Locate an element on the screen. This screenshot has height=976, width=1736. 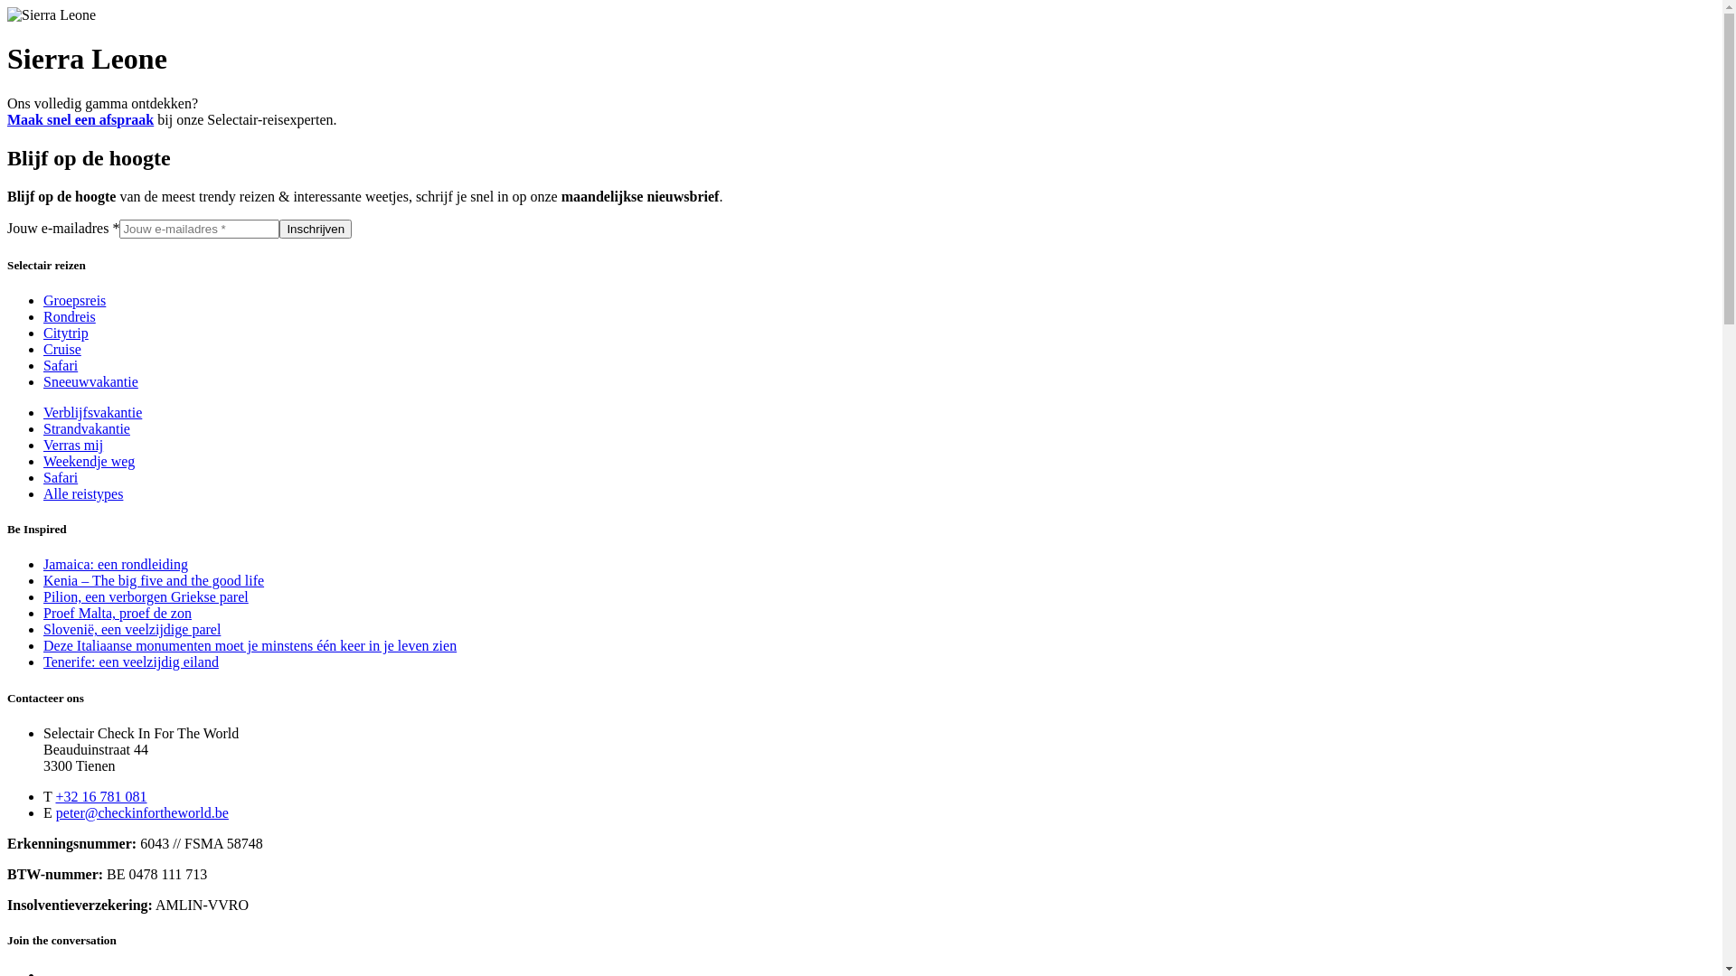
'Jamaica: een rondleiding' is located at coordinates (43, 563).